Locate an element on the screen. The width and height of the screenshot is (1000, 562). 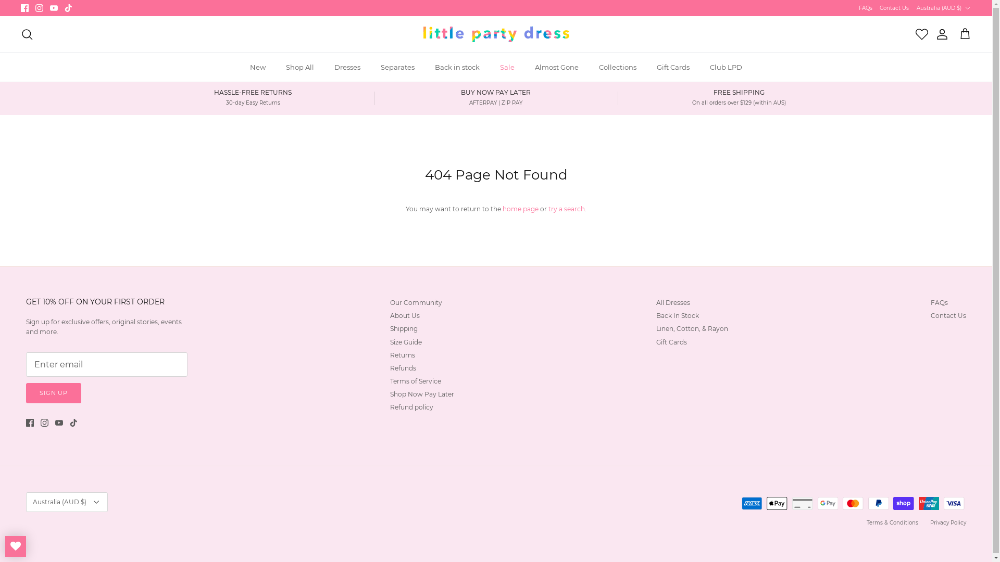
'Gift Cards' is located at coordinates (673, 68).